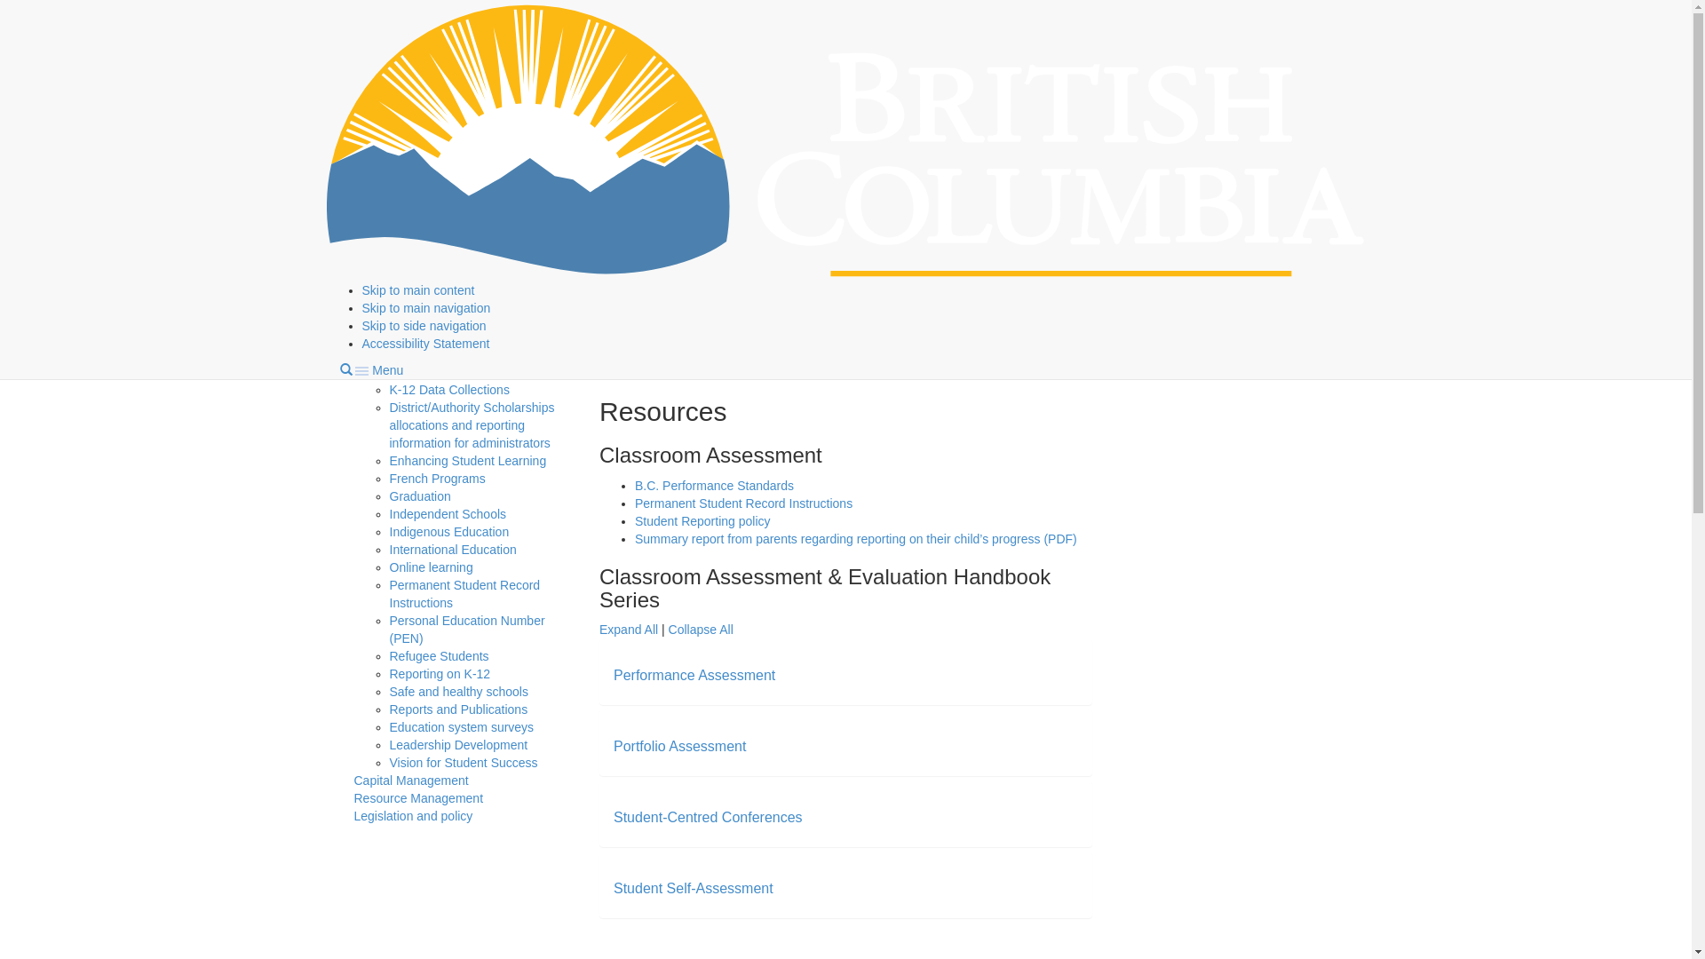 The width and height of the screenshot is (1705, 959). What do you see at coordinates (452, 548) in the screenshot?
I see `'International Education'` at bounding box center [452, 548].